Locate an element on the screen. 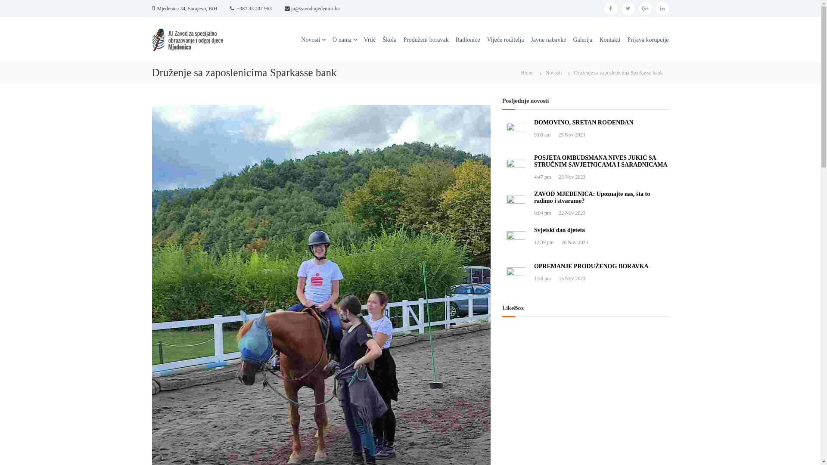 The image size is (827, 465). 'Home' is located at coordinates (526, 72).